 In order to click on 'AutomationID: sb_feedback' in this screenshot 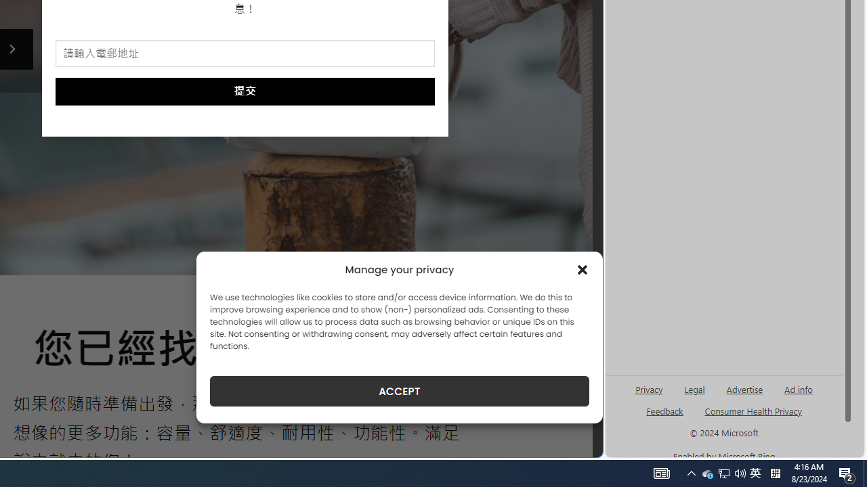, I will do `click(664, 410)`.